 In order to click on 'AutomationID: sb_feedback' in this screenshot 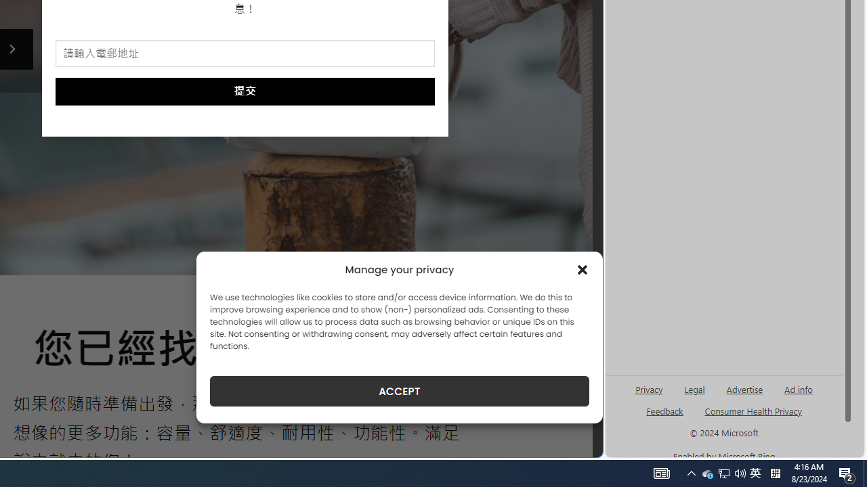, I will do `click(664, 410)`.